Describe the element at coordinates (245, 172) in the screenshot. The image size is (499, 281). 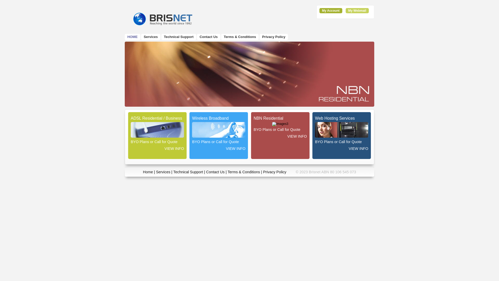
I see `'Terms & Conditions |'` at that location.